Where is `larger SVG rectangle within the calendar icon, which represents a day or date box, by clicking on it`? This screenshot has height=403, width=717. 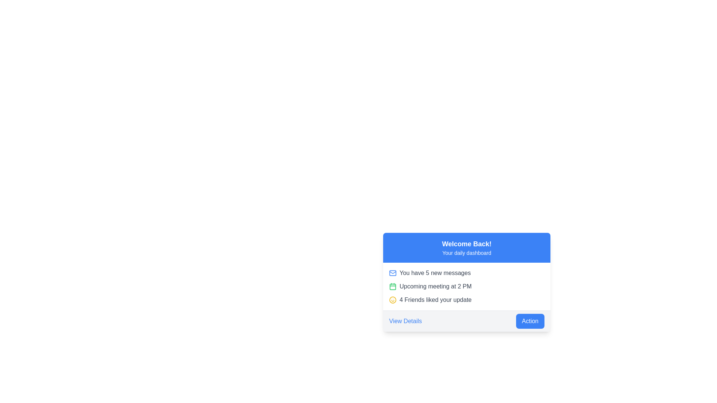
larger SVG rectangle within the calendar icon, which represents a day or date box, by clicking on it is located at coordinates (392, 286).